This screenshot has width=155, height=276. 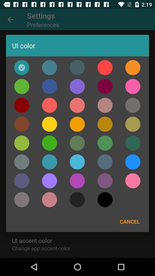 I want to click on ui color, so click(x=21, y=68).